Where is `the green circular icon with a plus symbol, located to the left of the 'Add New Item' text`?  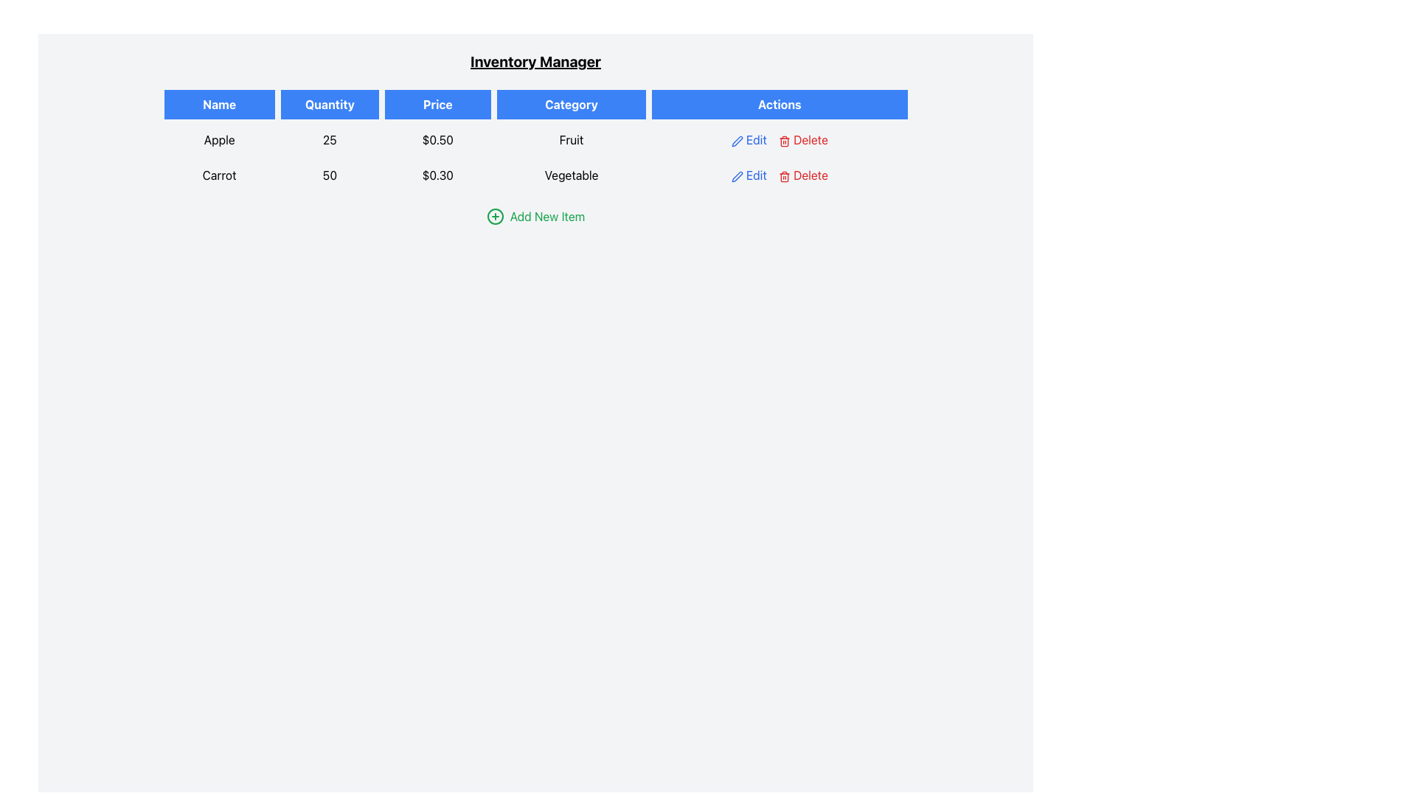 the green circular icon with a plus symbol, located to the left of the 'Add New Item' text is located at coordinates (495, 216).